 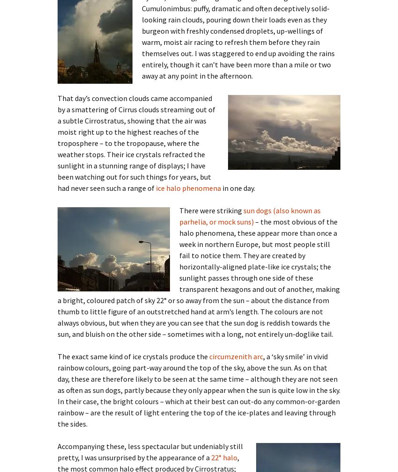 What do you see at coordinates (249, 215) in the screenshot?
I see `'sun dogs (also known as parhelia, or mock suns)'` at bounding box center [249, 215].